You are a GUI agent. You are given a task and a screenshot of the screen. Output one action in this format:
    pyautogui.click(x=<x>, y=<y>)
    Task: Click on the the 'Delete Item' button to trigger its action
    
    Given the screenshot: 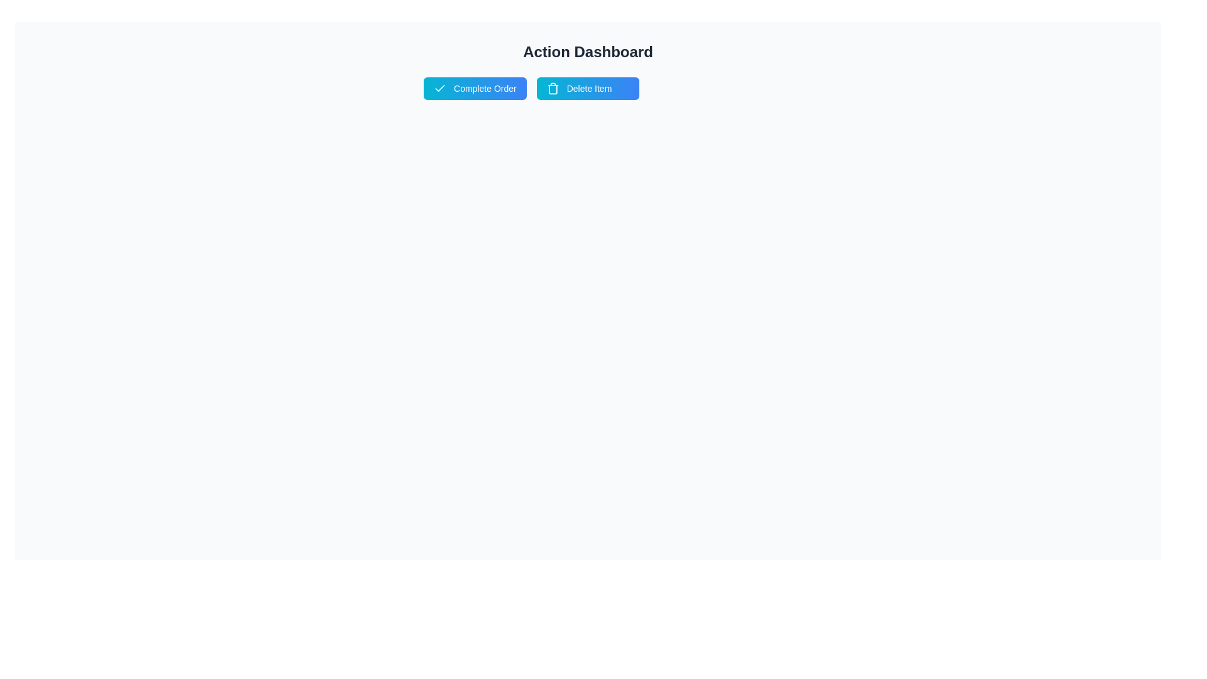 What is the action you would take?
    pyautogui.click(x=587, y=88)
    